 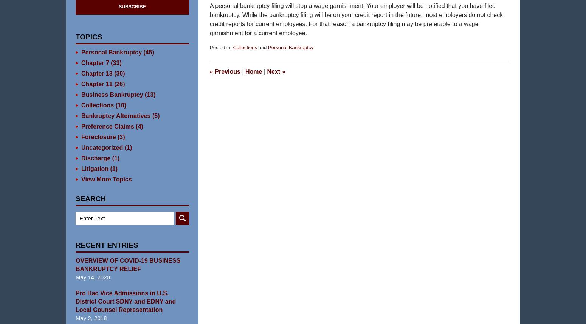 What do you see at coordinates (96, 85) in the screenshot?
I see `'Chapter 13'` at bounding box center [96, 85].